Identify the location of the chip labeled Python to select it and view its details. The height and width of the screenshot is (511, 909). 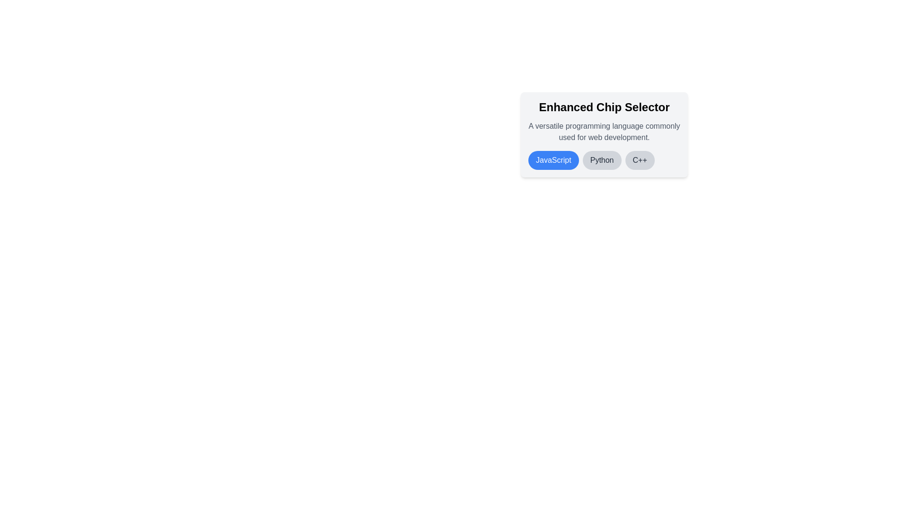
(601, 160).